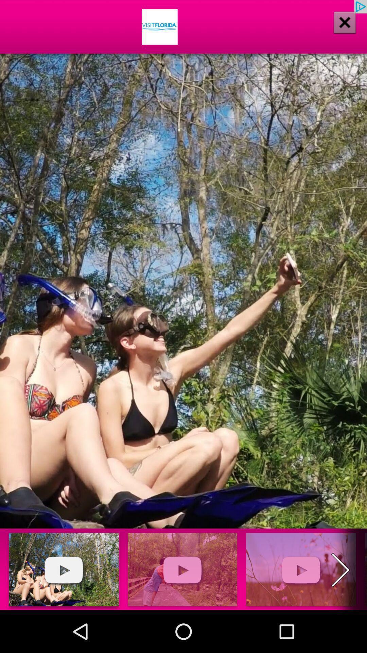 Image resolution: width=367 pixels, height=653 pixels. Describe the element at coordinates (345, 24) in the screenshot. I see `the close icon` at that location.